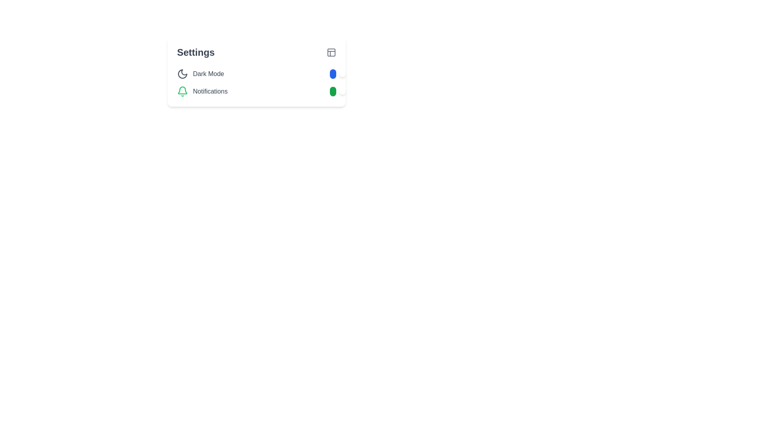  Describe the element at coordinates (182, 91) in the screenshot. I see `the green bell icon located to the left of the word 'Notifications' in the settings panel` at that location.